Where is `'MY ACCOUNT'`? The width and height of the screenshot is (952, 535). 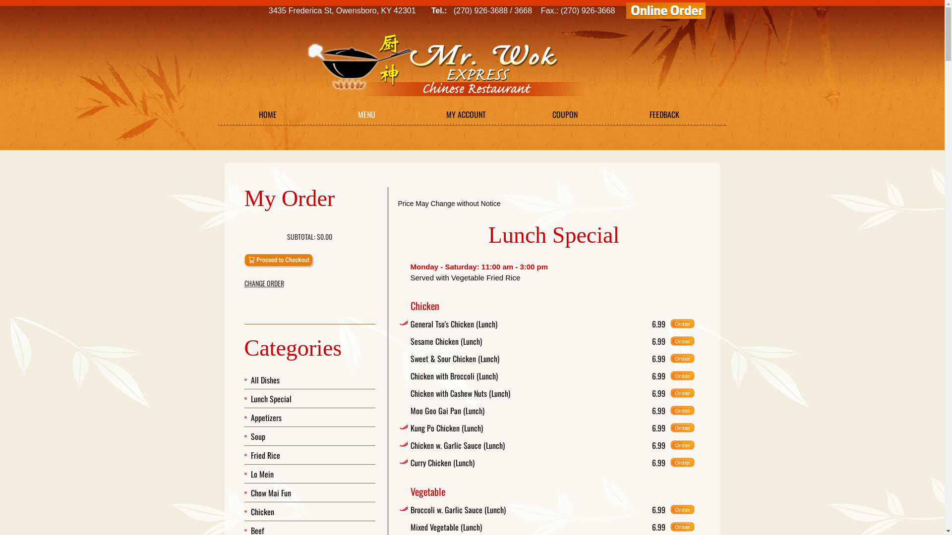 'MY ACCOUNT' is located at coordinates (466, 114).